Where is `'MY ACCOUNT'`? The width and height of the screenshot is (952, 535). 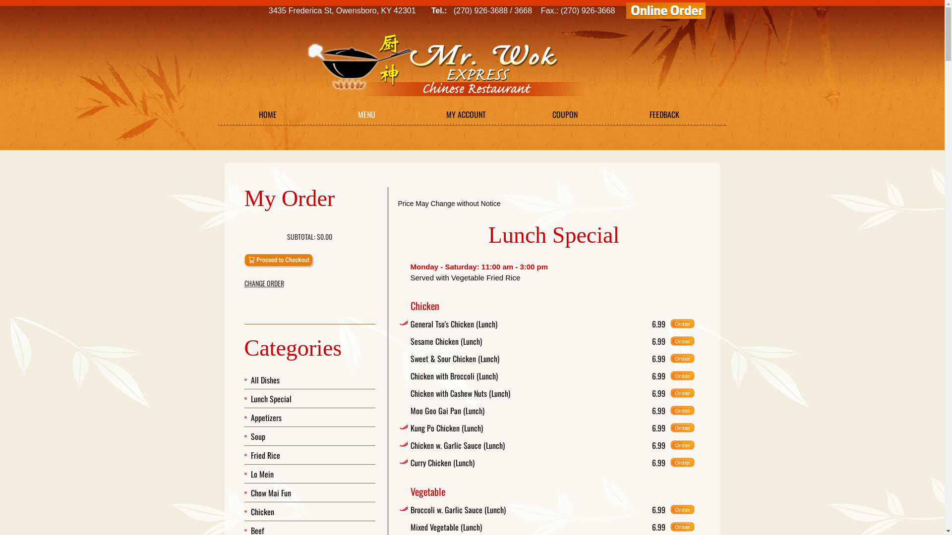 'MY ACCOUNT' is located at coordinates (466, 114).